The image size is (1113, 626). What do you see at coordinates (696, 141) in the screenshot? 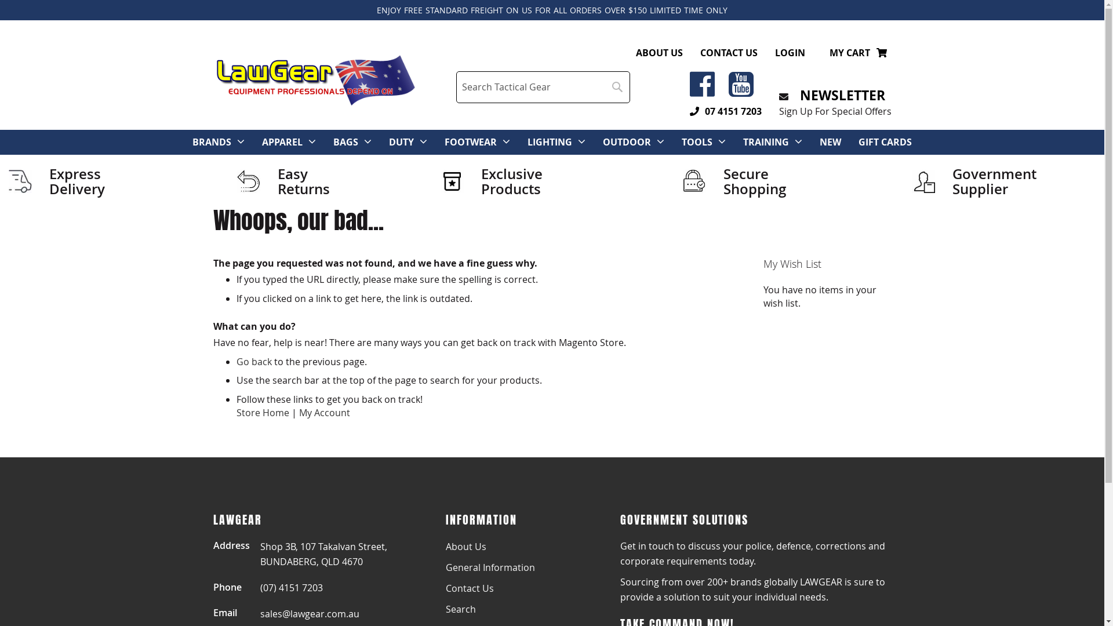
I see `'TOOLS'` at bounding box center [696, 141].